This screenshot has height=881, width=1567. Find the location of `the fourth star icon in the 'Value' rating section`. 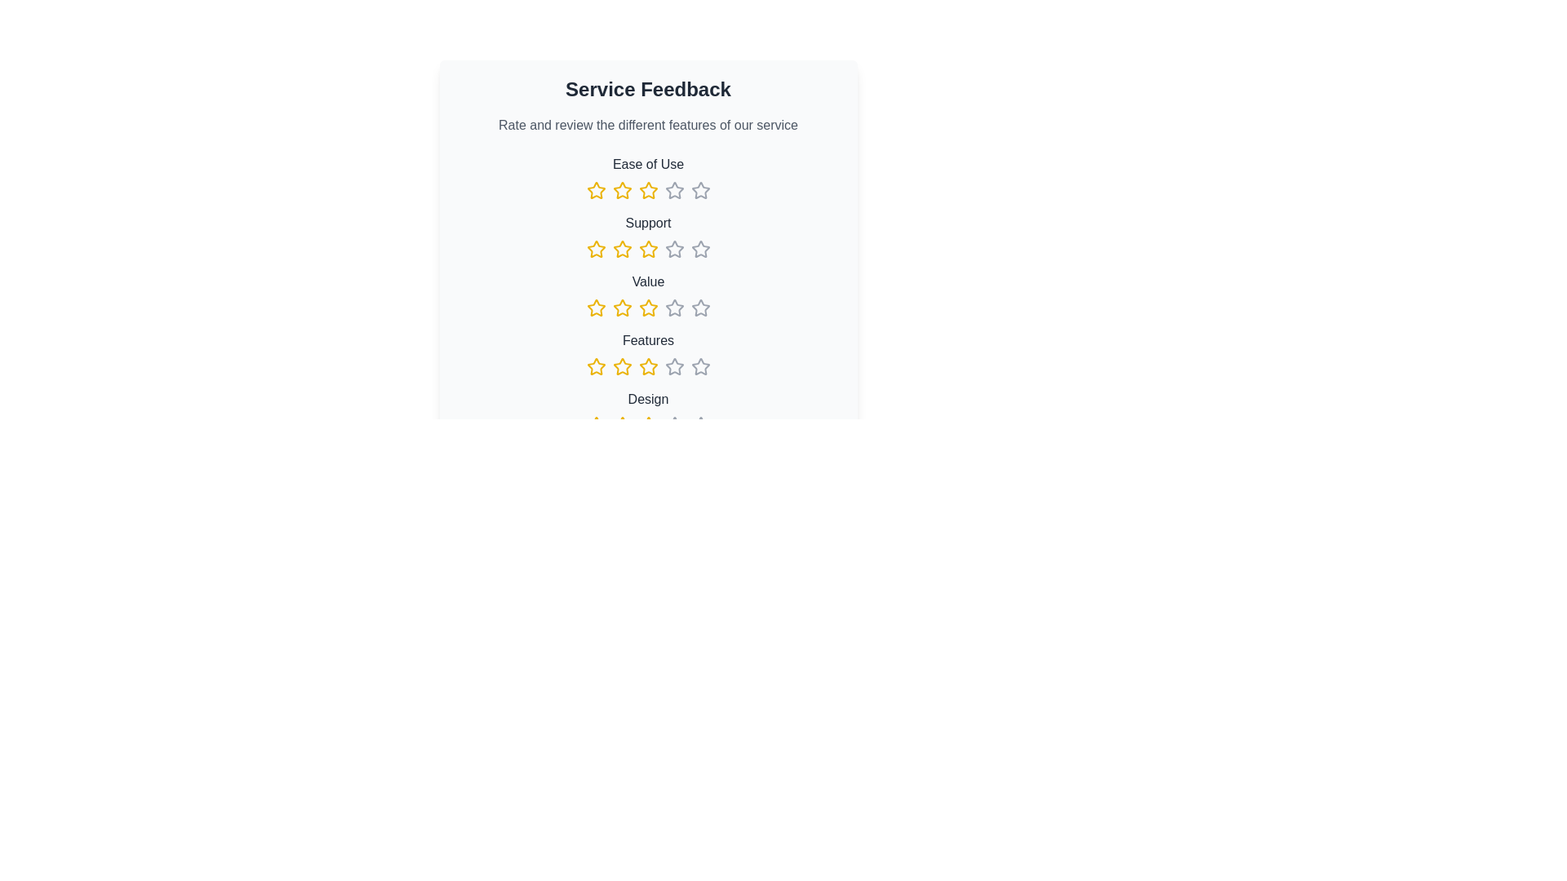

the fourth star icon in the 'Value' rating section is located at coordinates (674, 308).